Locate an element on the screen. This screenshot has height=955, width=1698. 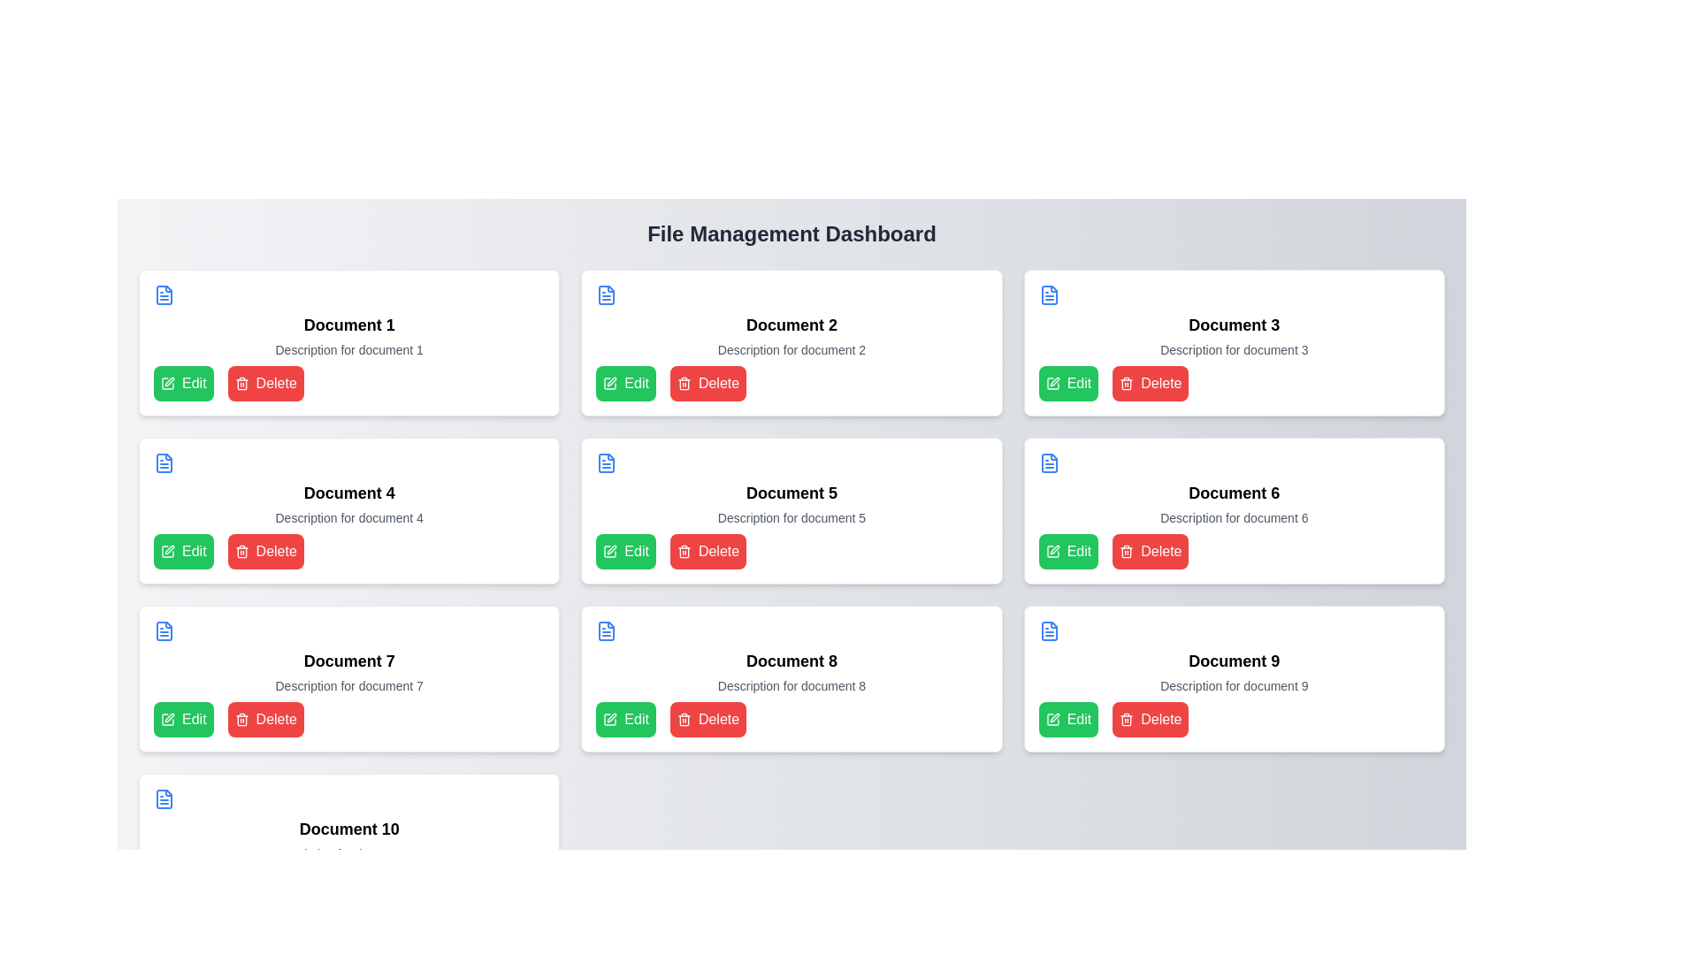
the small red trash can icon embedded in the delete button located to the right of the edit button within the document card on the file management dashboard is located at coordinates (683, 719).